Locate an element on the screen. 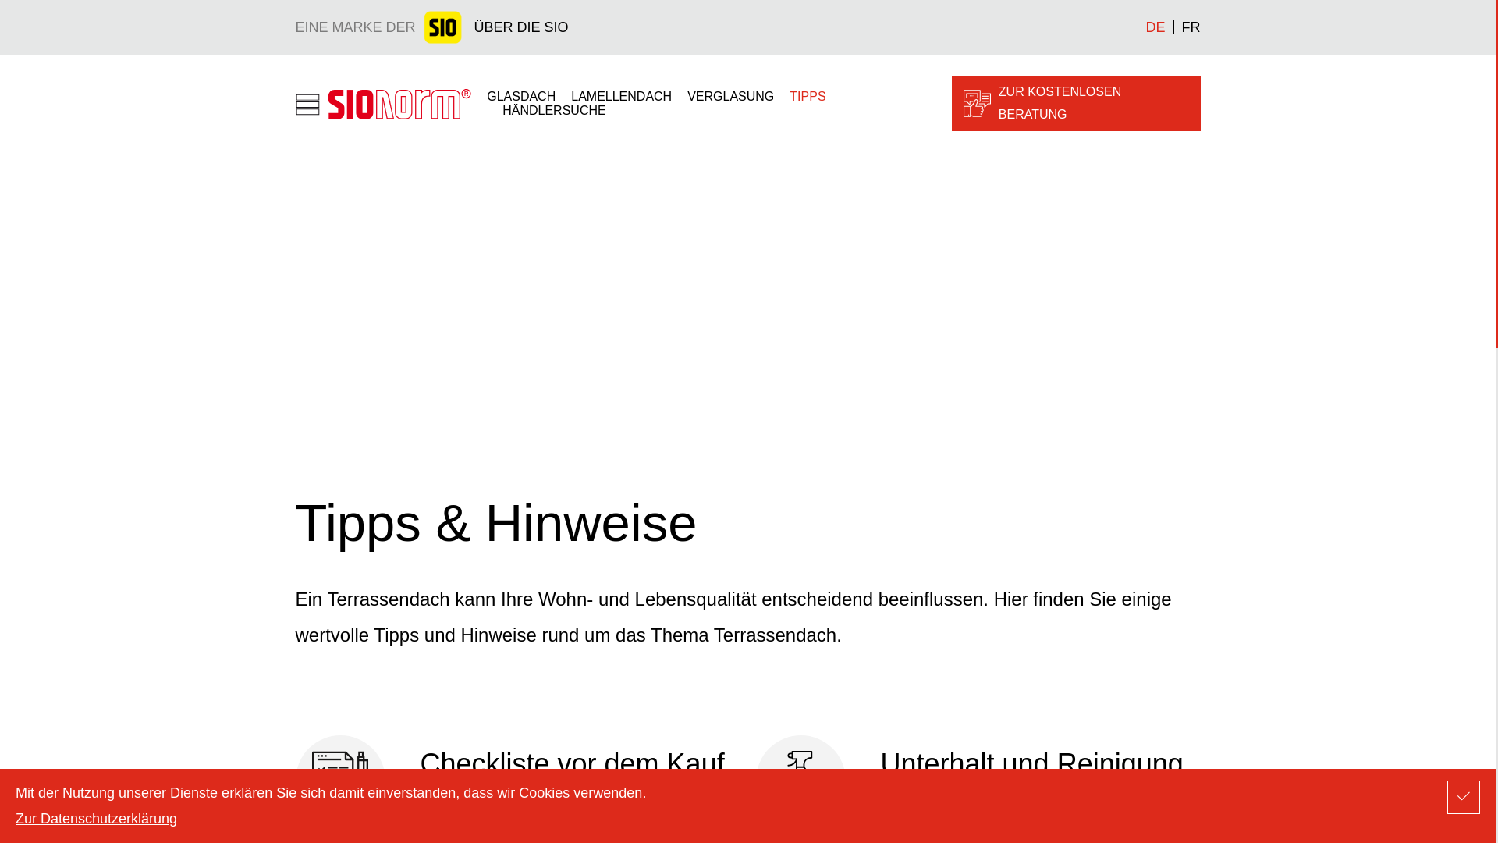 The width and height of the screenshot is (1498, 843). 'ZUR KOSTENLOSEN BERATUNG' is located at coordinates (1074, 103).